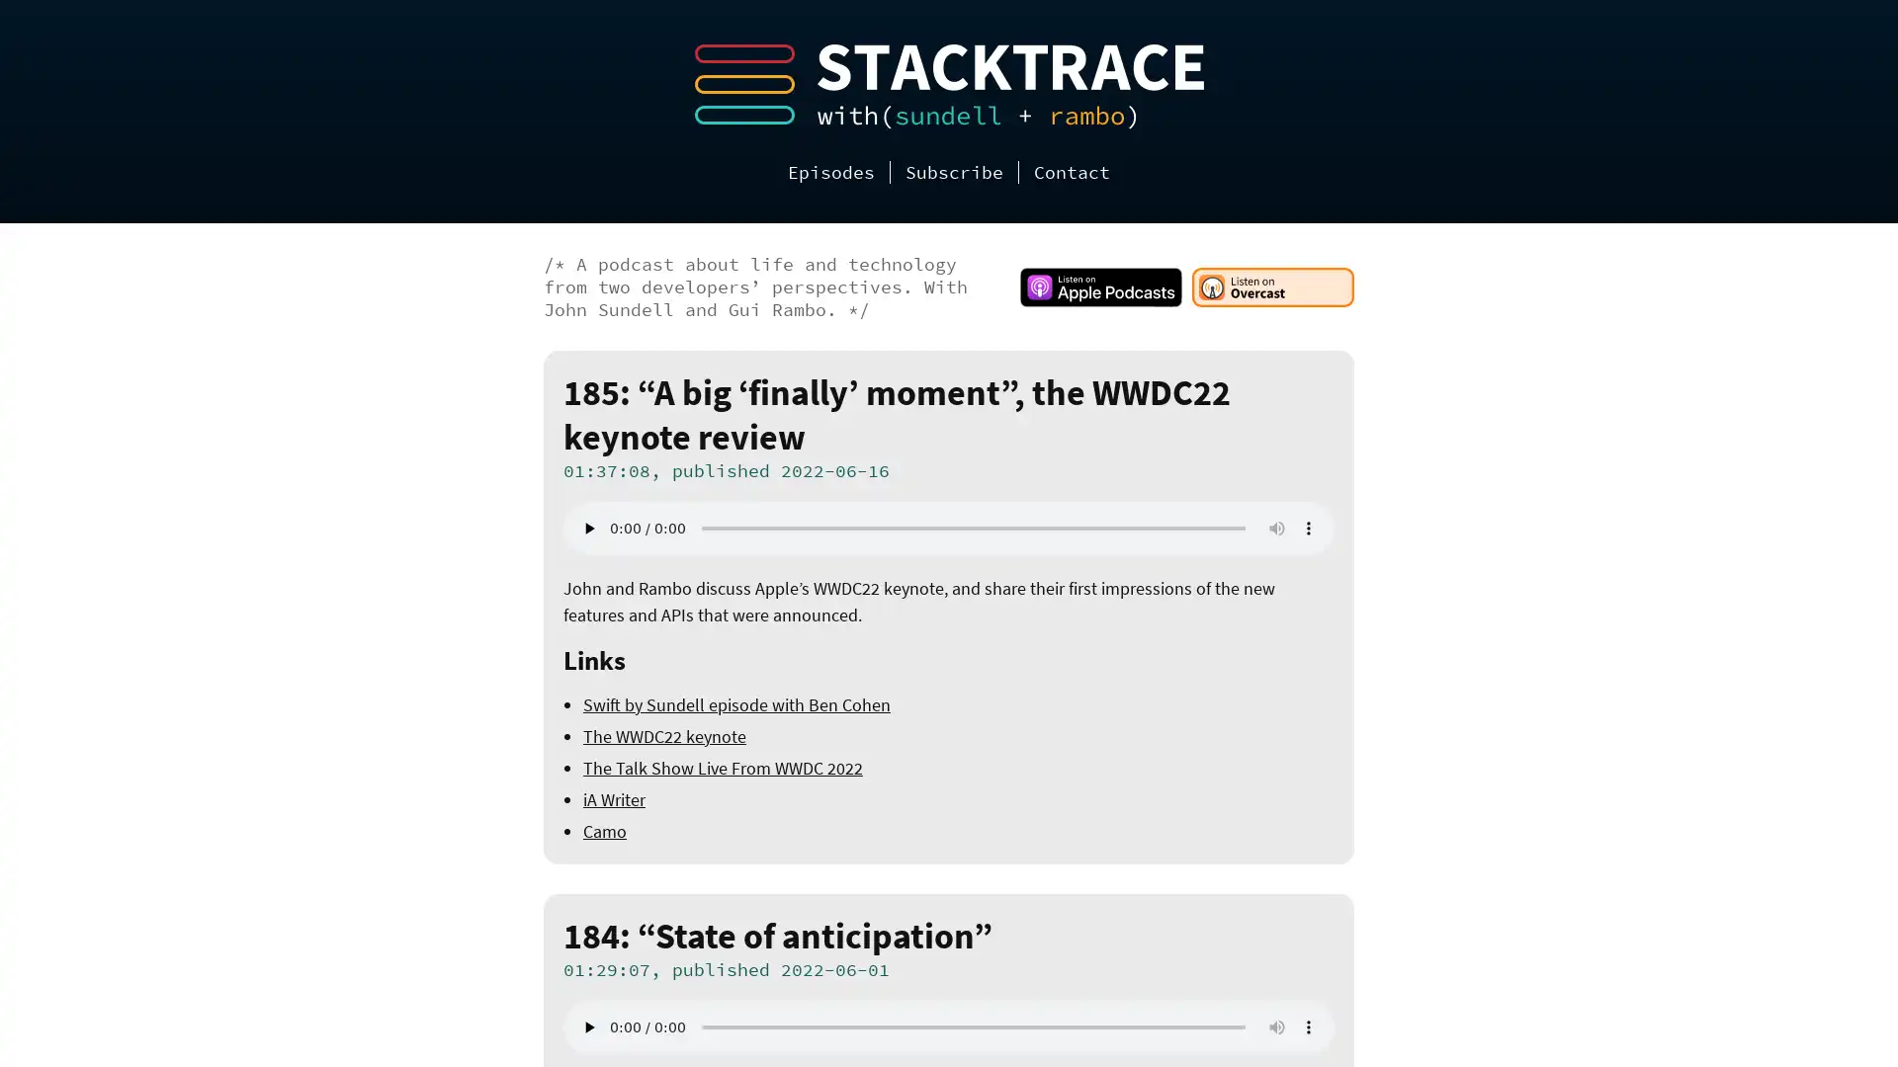 The image size is (1898, 1067). Describe the element at coordinates (587, 528) in the screenshot. I see `play` at that location.